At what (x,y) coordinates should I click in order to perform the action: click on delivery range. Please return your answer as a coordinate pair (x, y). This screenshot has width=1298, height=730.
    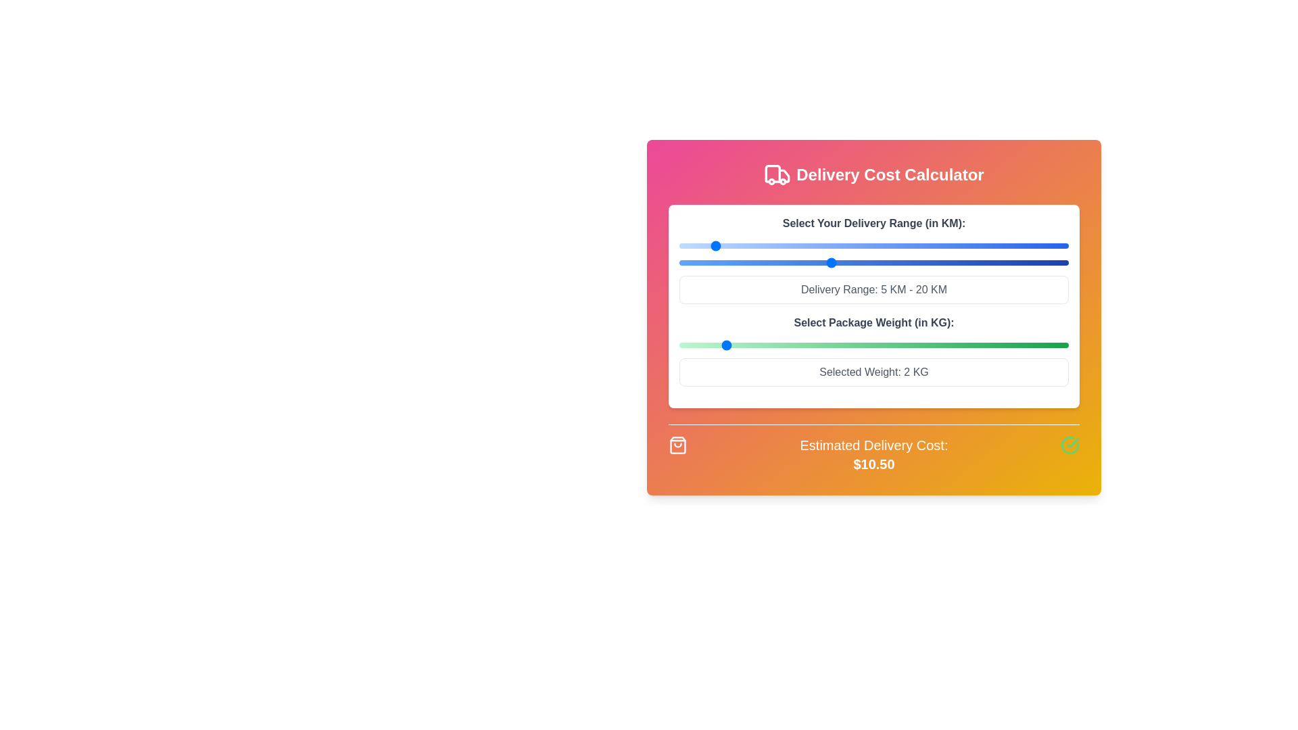
    Looking at the image, I should click on (933, 263).